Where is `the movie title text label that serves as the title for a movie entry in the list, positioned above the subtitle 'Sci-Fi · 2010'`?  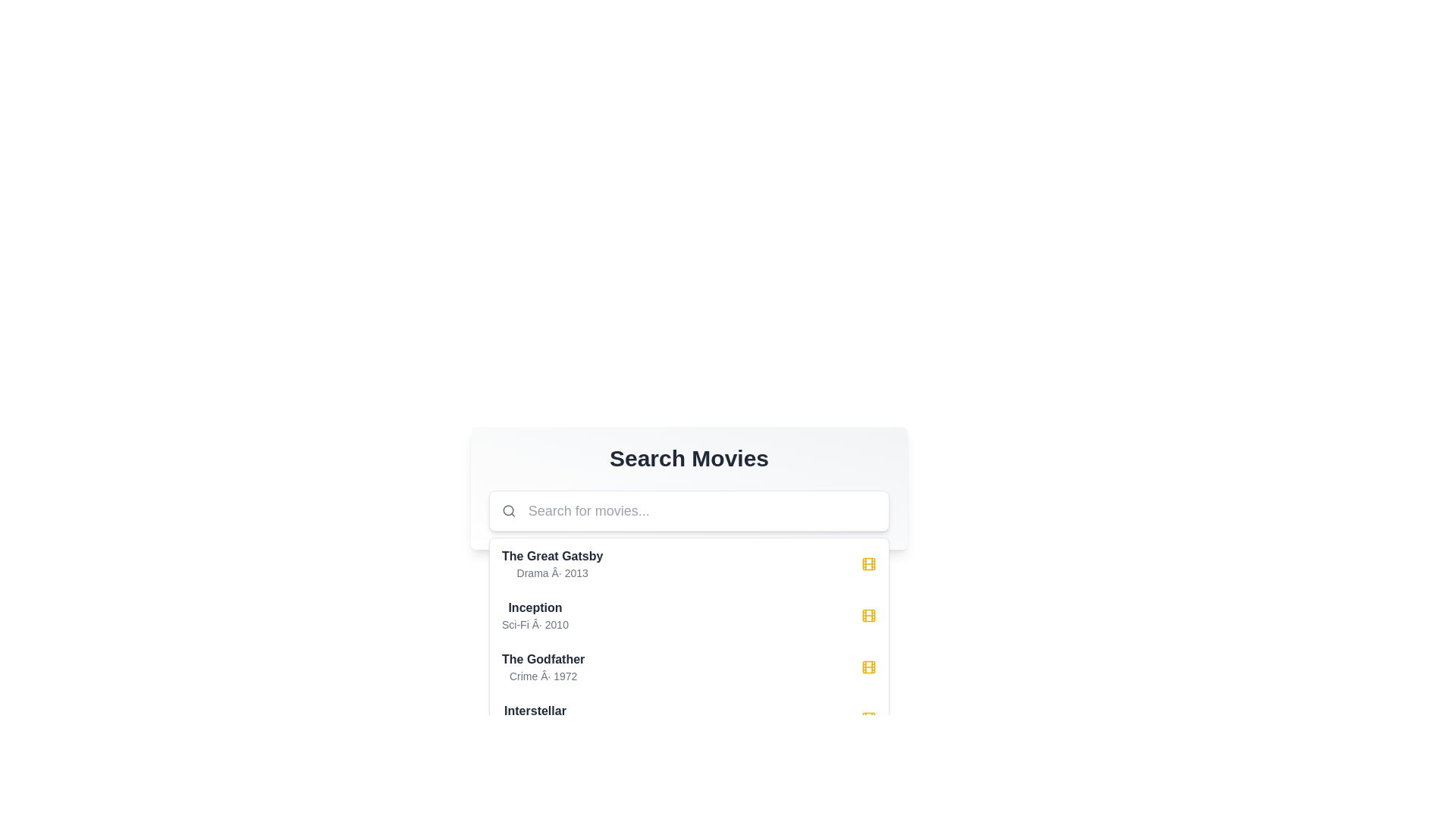
the movie title text label that serves as the title for a movie entry in the list, positioned above the subtitle 'Sci-Fi · 2010' is located at coordinates (535, 607).